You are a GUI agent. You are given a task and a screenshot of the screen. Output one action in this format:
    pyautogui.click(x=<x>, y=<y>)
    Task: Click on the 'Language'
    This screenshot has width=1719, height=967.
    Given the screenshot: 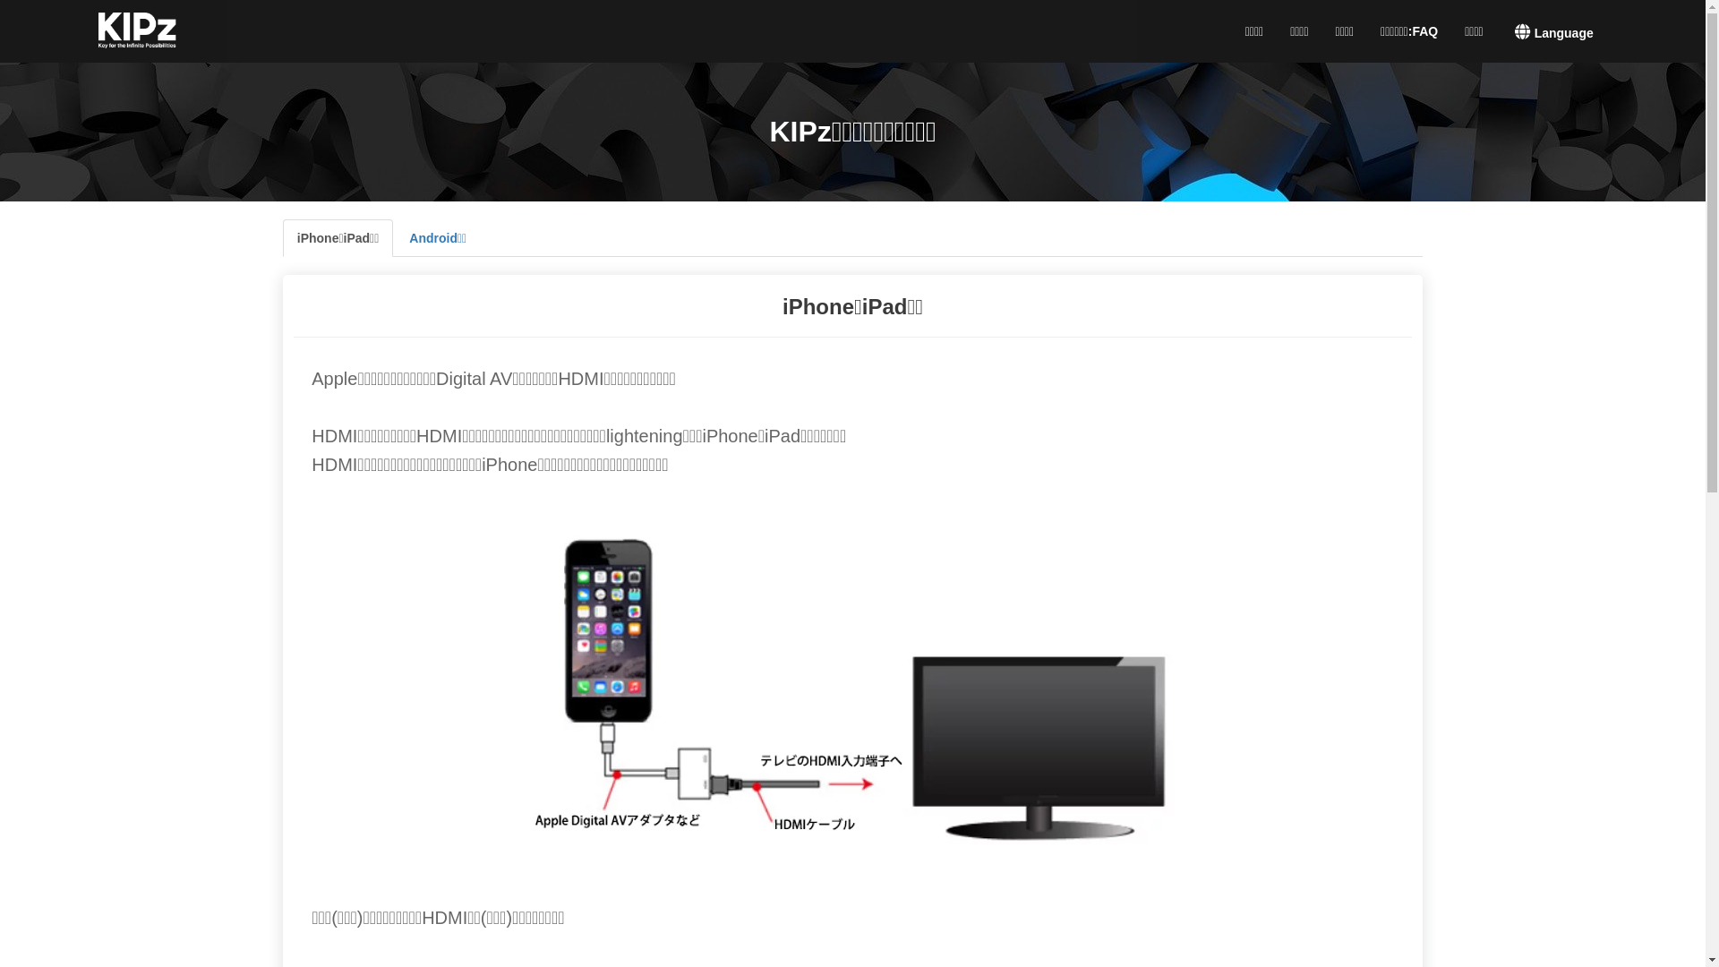 What is the action you would take?
    pyautogui.click(x=1553, y=28)
    